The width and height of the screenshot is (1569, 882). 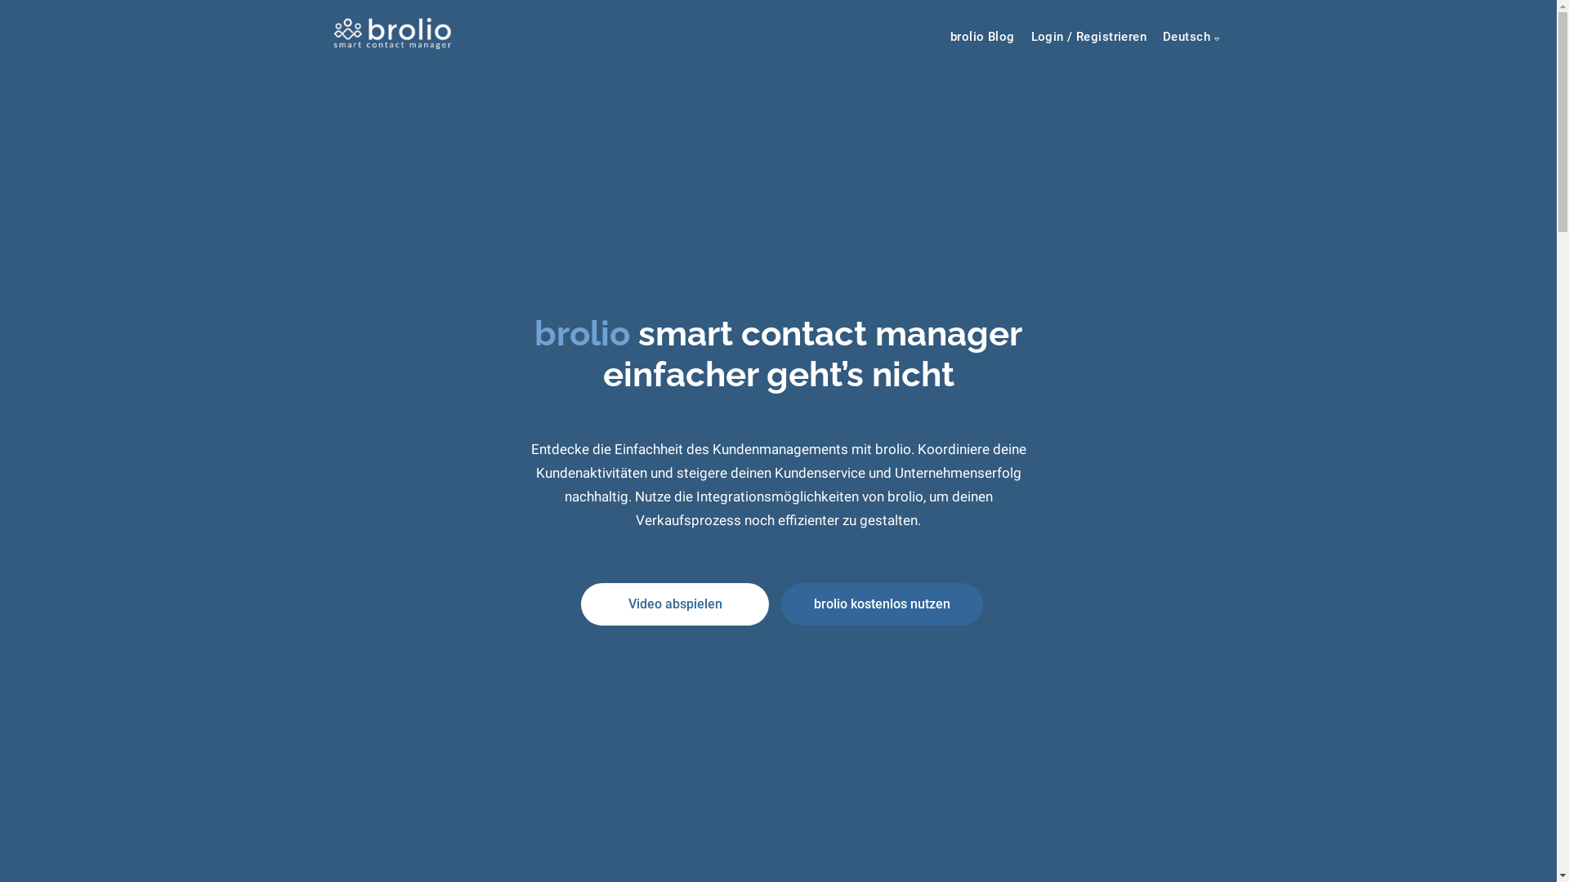 What do you see at coordinates (674, 604) in the screenshot?
I see `'Video abspielen'` at bounding box center [674, 604].